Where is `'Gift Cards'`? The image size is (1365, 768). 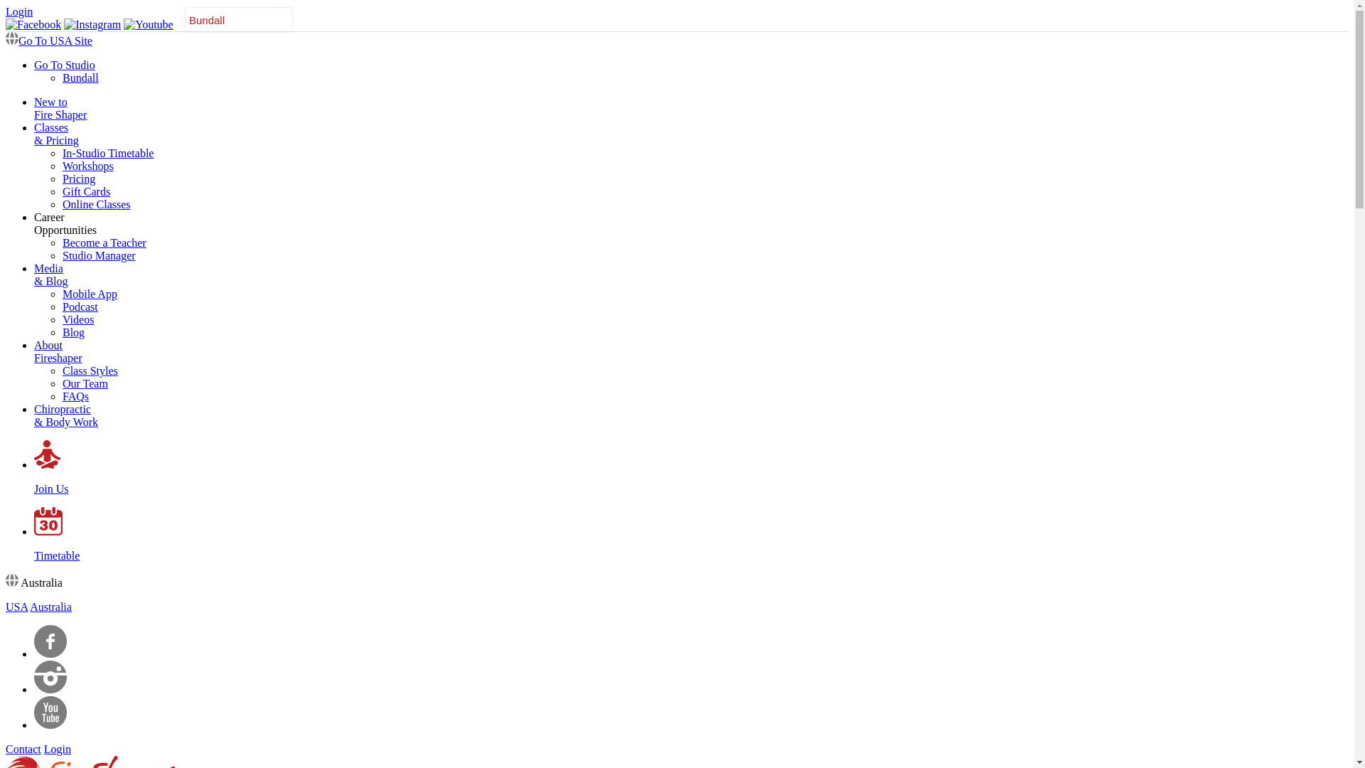 'Gift Cards' is located at coordinates (85, 191).